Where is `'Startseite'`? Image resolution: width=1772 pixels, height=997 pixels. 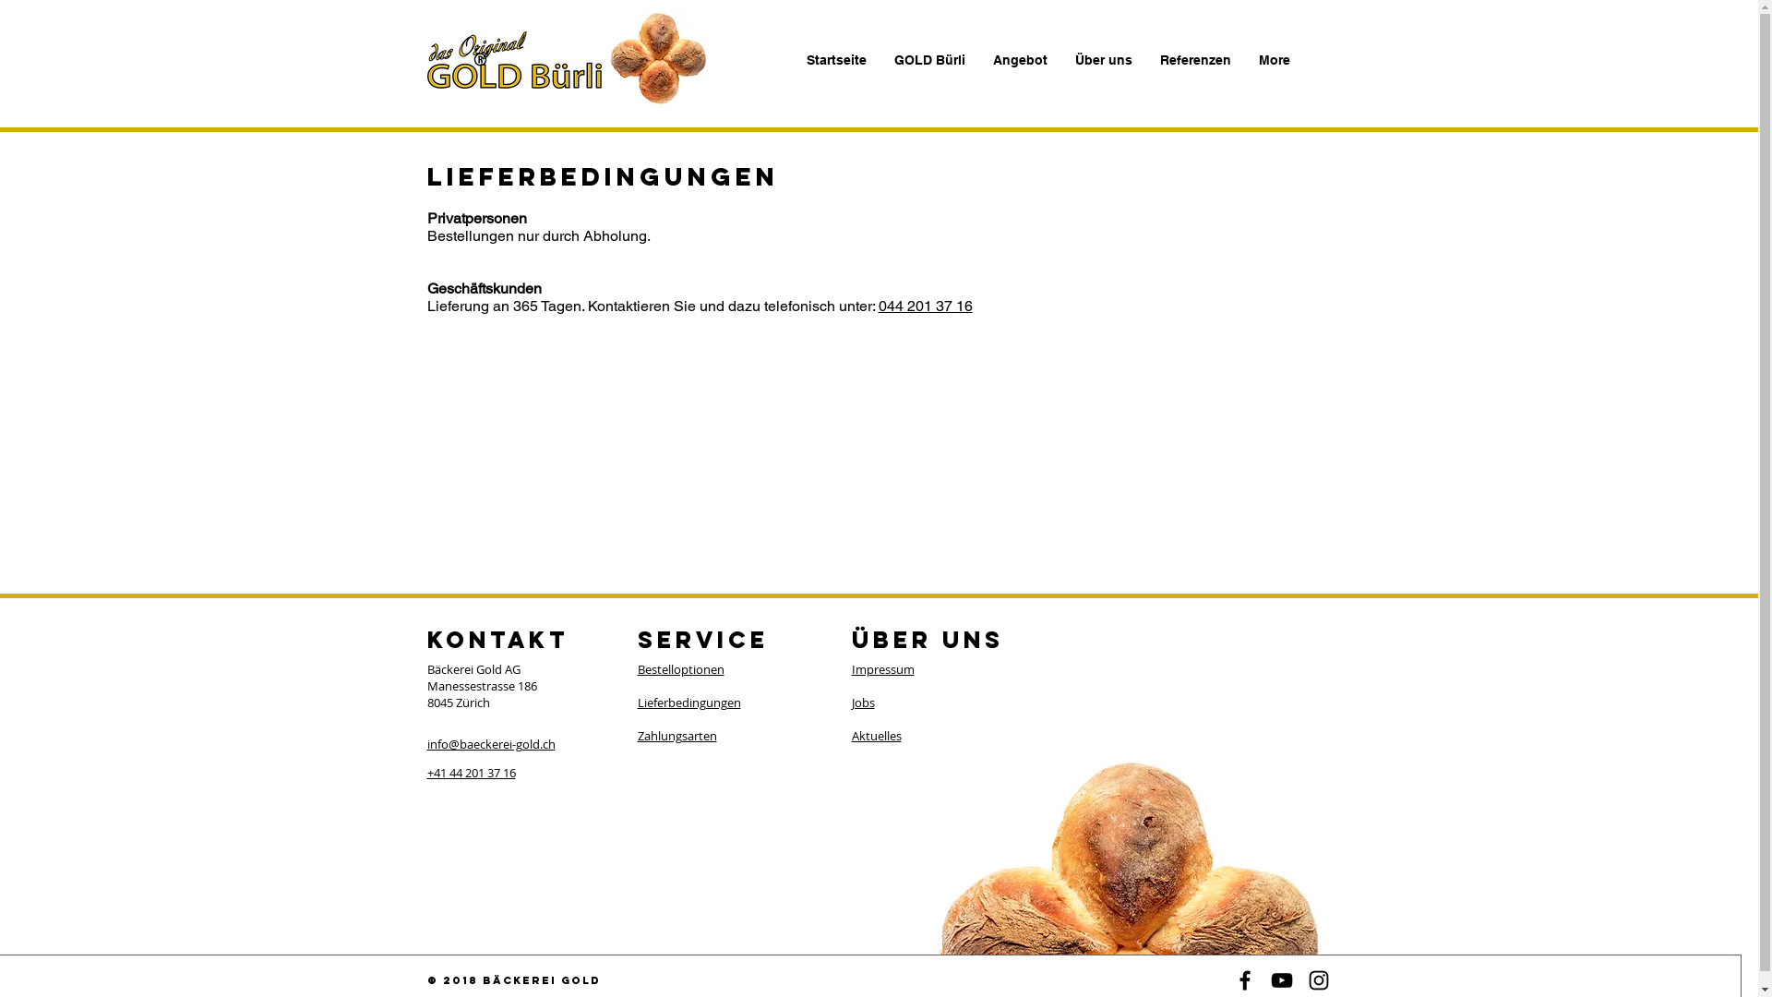 'Startseite' is located at coordinates (792, 59).